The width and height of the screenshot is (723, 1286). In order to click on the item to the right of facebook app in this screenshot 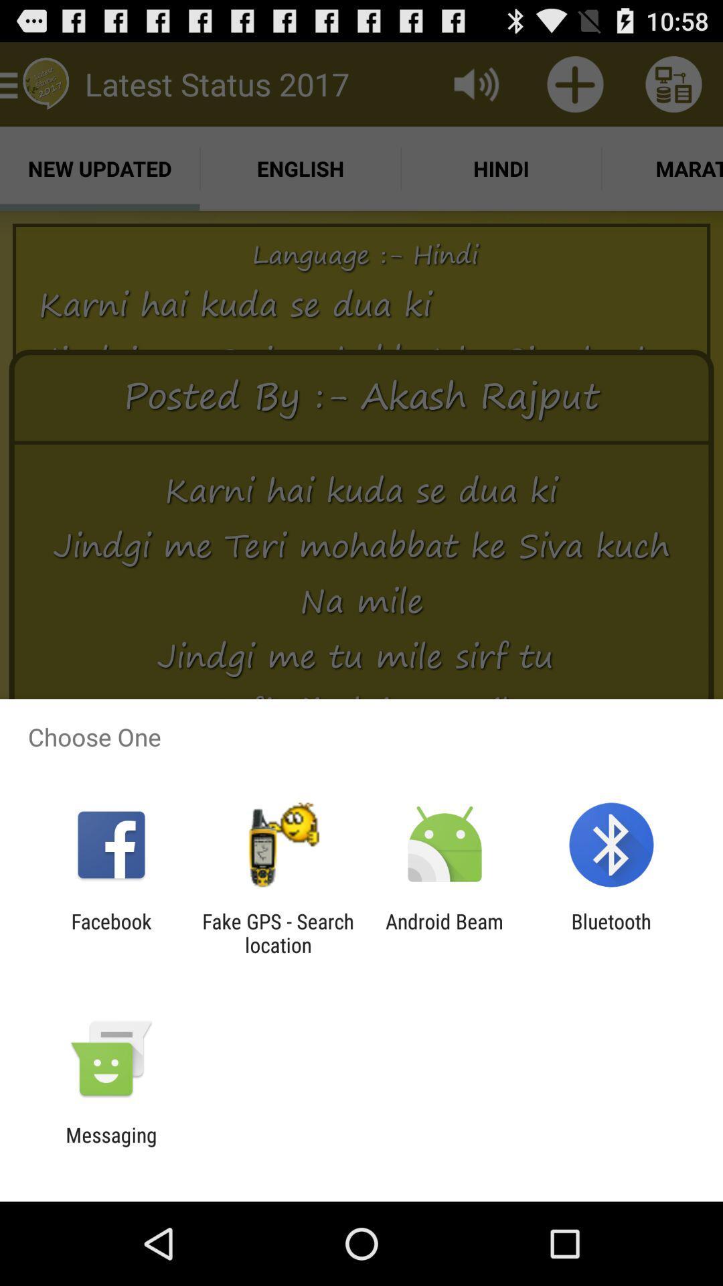, I will do `click(277, 932)`.